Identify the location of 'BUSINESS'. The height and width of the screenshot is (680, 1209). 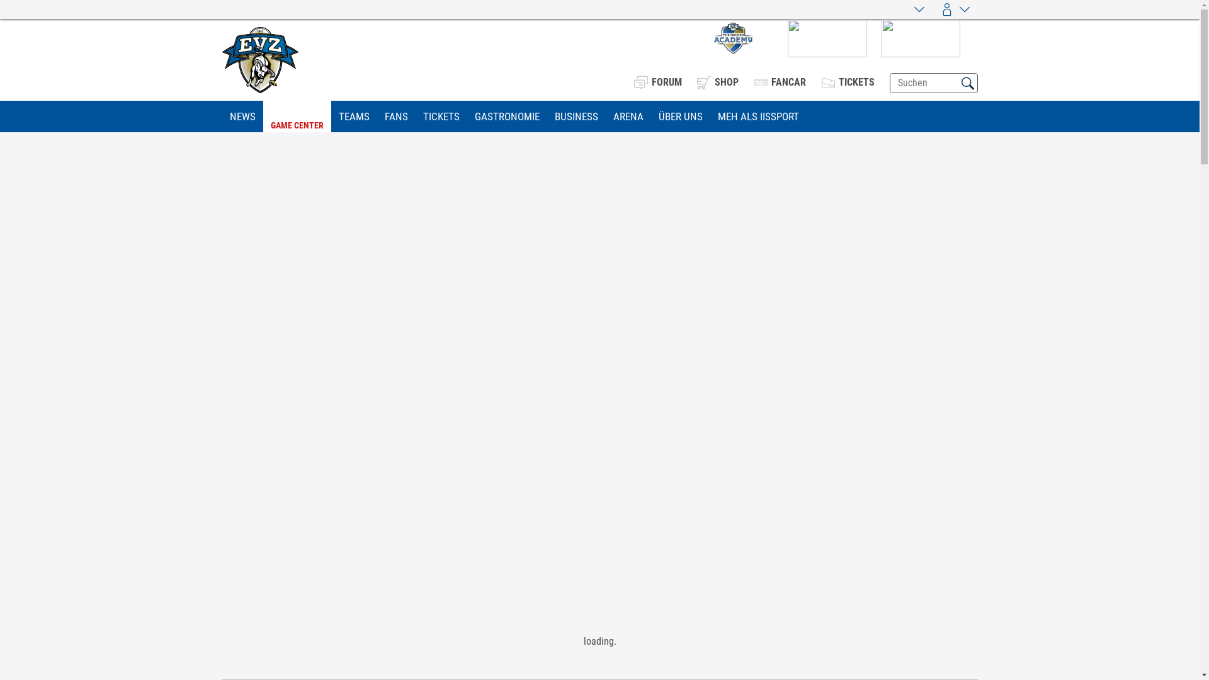
(547, 116).